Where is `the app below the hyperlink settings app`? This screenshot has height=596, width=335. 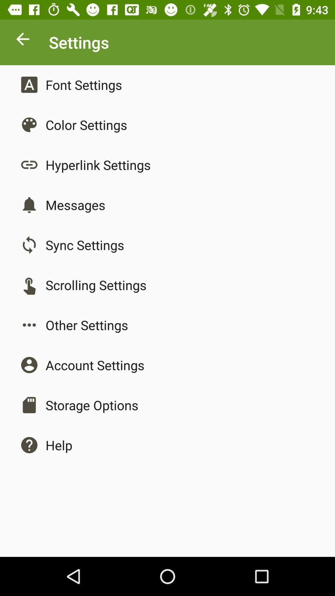
the app below the hyperlink settings app is located at coordinates (75, 205).